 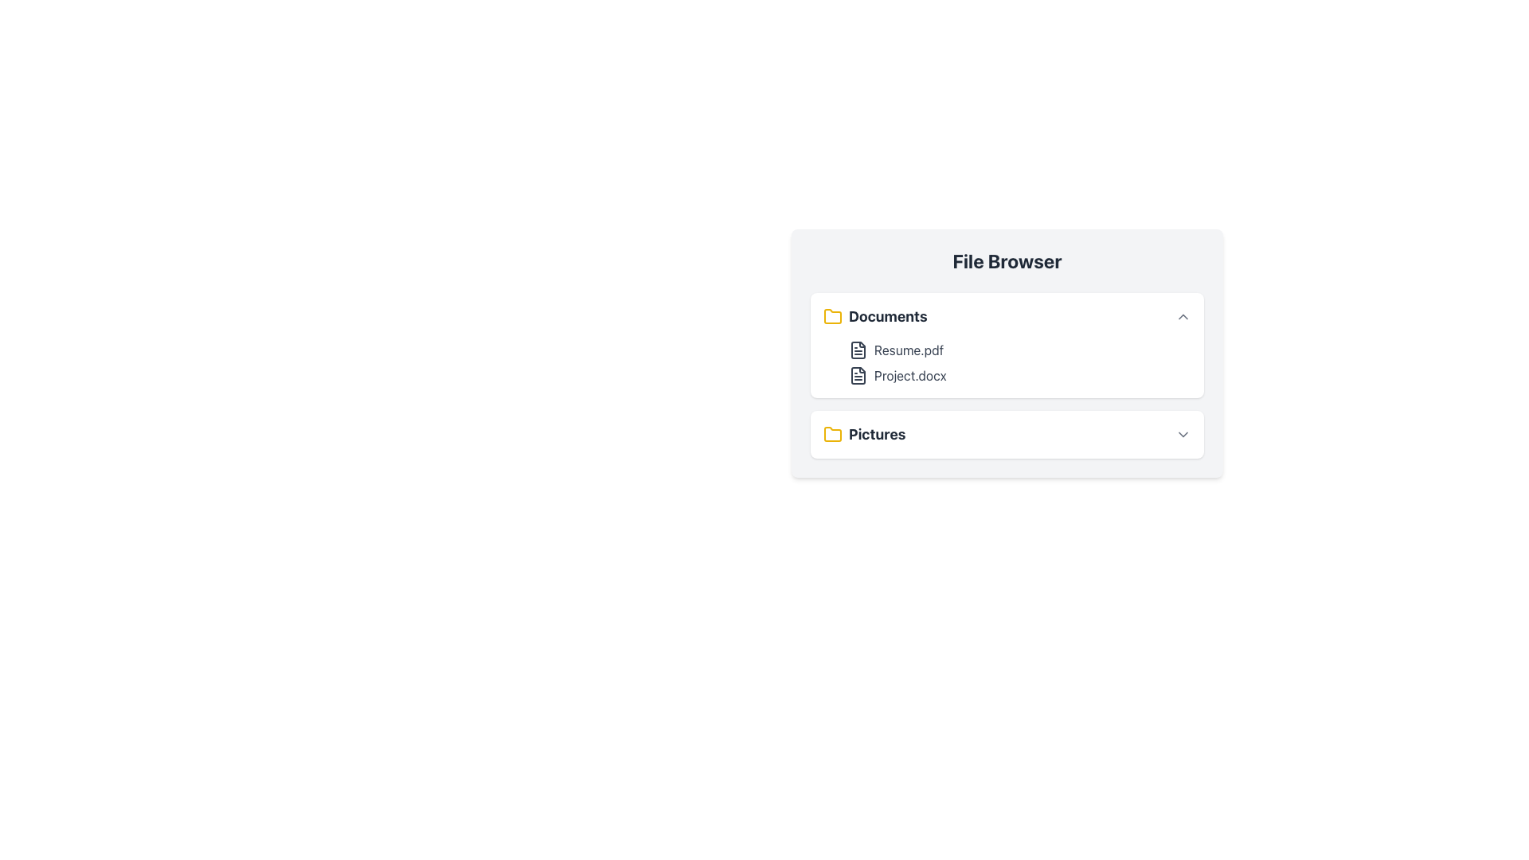 I want to click on the 'Pictures' folder icon located at the beginning of its row in the file browser to interact with the associated folder, so click(x=832, y=435).